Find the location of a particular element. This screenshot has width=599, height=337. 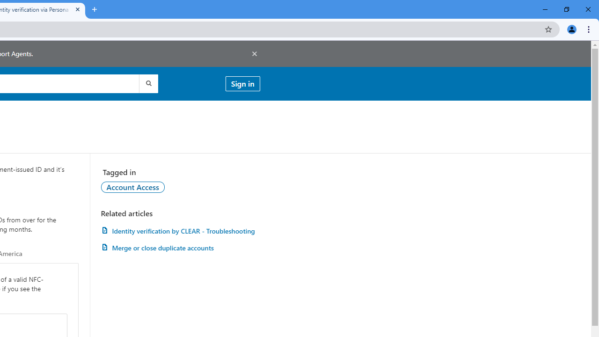

'AutomationID: article-link-a1457505' is located at coordinates (180, 231).